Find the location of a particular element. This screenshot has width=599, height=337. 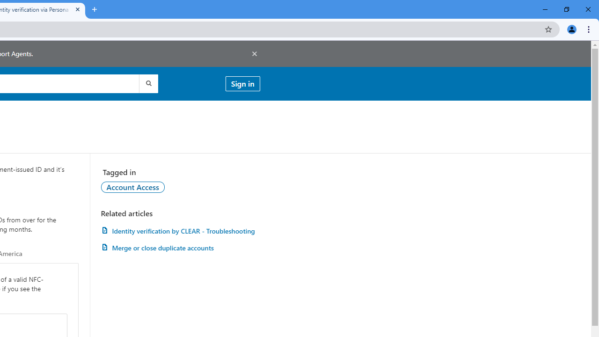

'AutomationID: article-link-a1457505' is located at coordinates (180, 231).